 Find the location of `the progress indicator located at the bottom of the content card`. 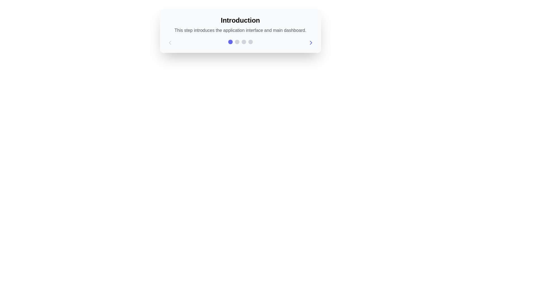

the progress indicator located at the bottom of the content card is located at coordinates (240, 43).